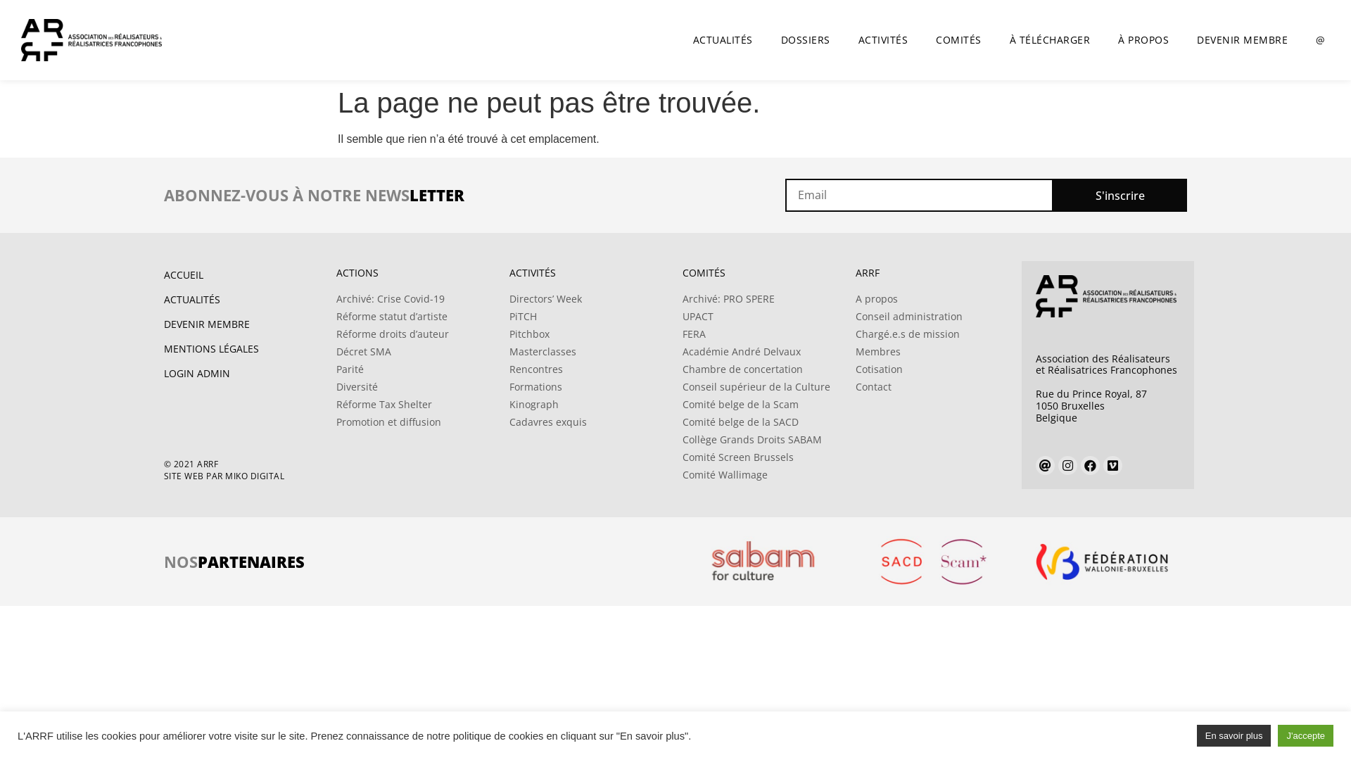 The height and width of the screenshot is (760, 1351). I want to click on 'Kinograph', so click(588, 404).